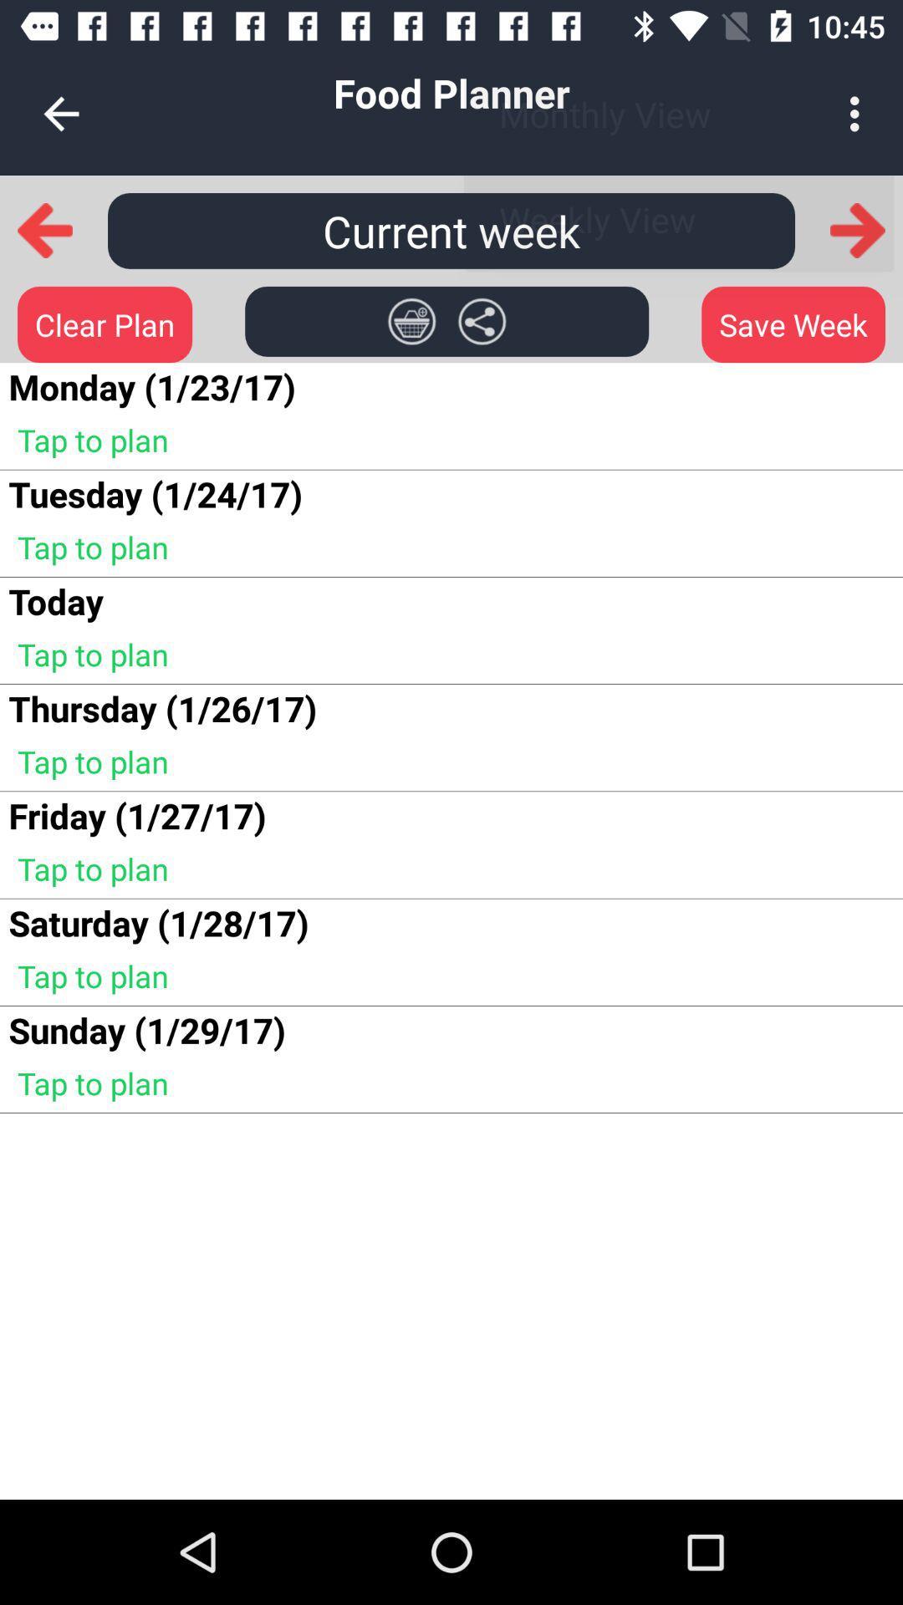  I want to click on the item to the right of the food planner item, so click(859, 113).